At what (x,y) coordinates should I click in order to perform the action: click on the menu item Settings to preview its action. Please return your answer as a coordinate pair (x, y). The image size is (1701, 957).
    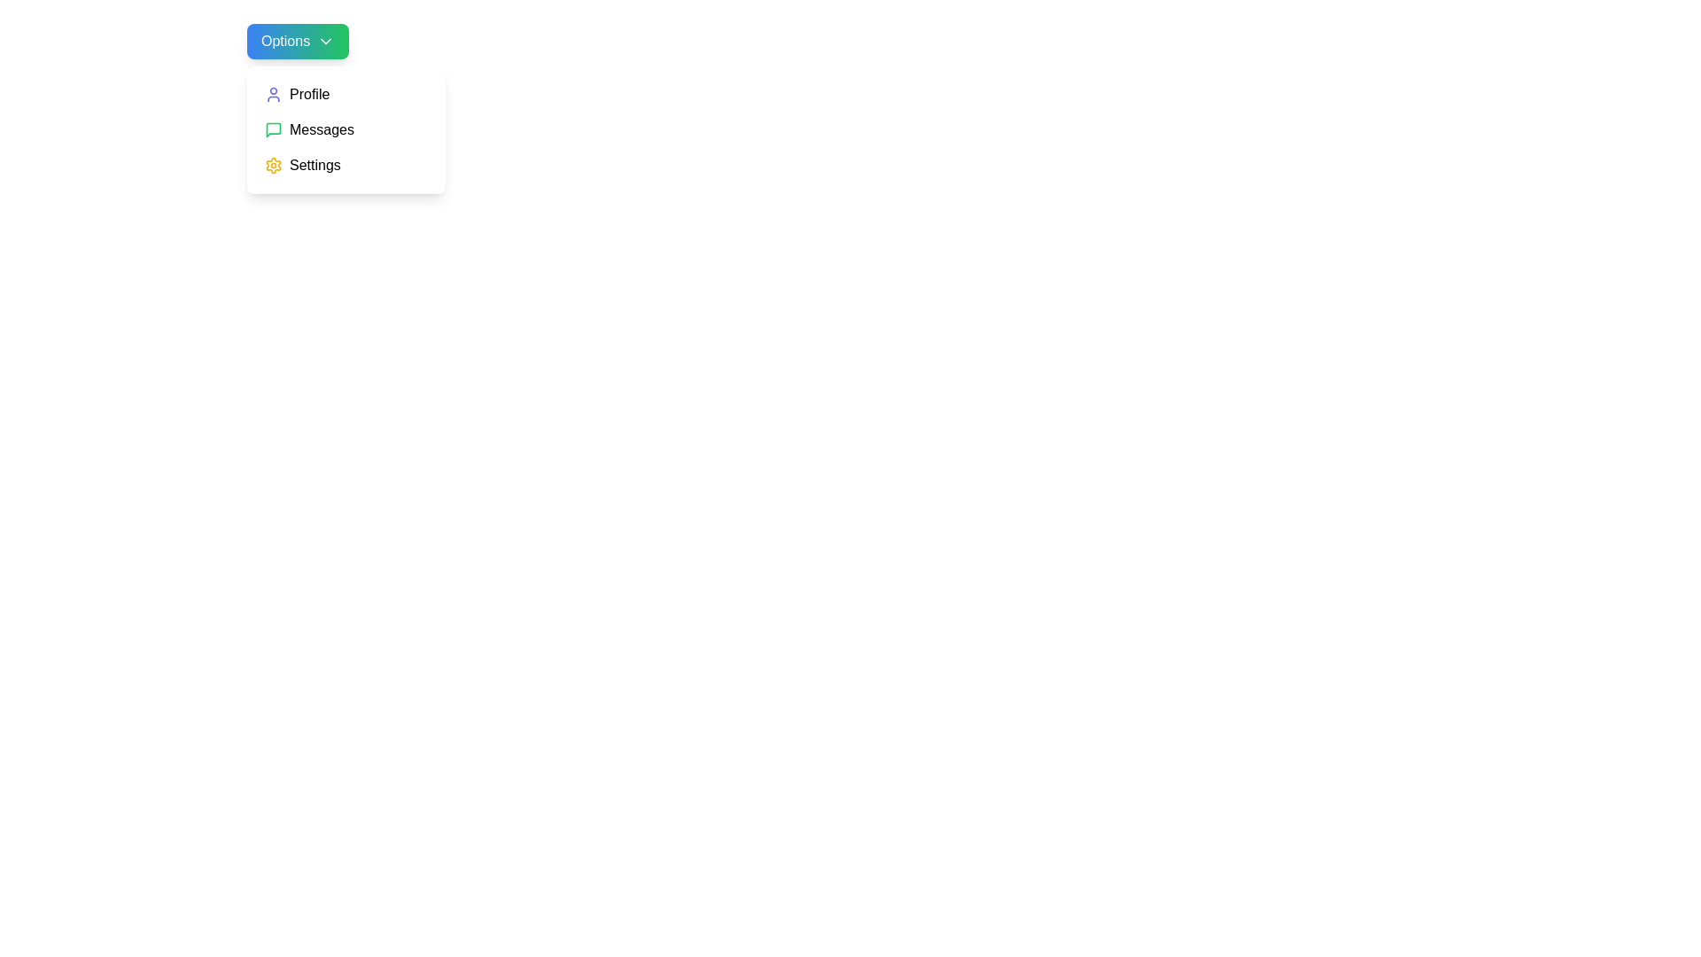
    Looking at the image, I should click on (346, 165).